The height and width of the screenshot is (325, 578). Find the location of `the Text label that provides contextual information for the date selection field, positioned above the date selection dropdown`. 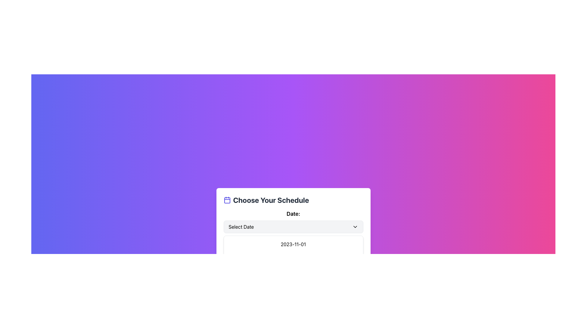

the Text label that provides contextual information for the date selection field, positioned above the date selection dropdown is located at coordinates (293, 213).